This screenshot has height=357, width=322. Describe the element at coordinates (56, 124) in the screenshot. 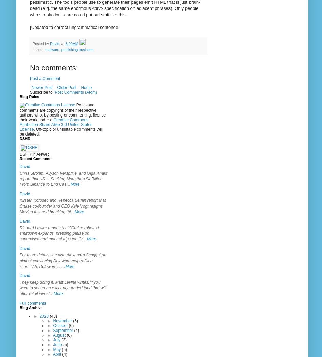

I see `'Creative Commons Attribution-Share Alike 3.0 United States License'` at that location.